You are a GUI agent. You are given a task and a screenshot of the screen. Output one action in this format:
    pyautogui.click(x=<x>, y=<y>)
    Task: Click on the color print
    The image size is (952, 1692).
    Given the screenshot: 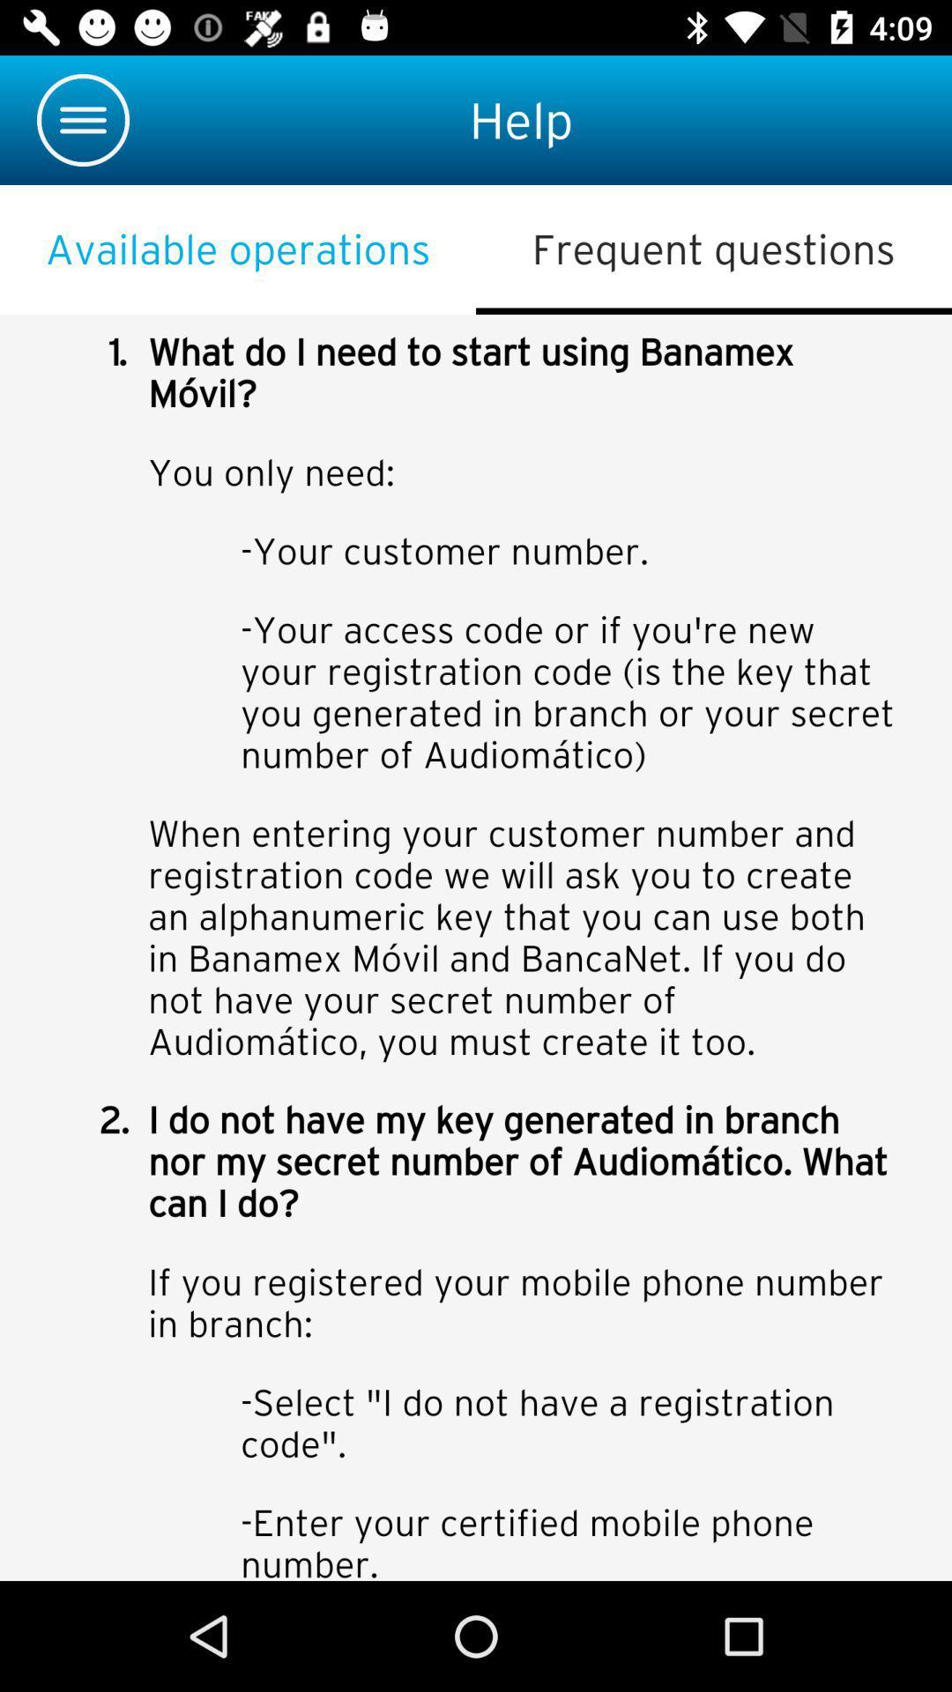 What is the action you would take?
    pyautogui.click(x=476, y=946)
    